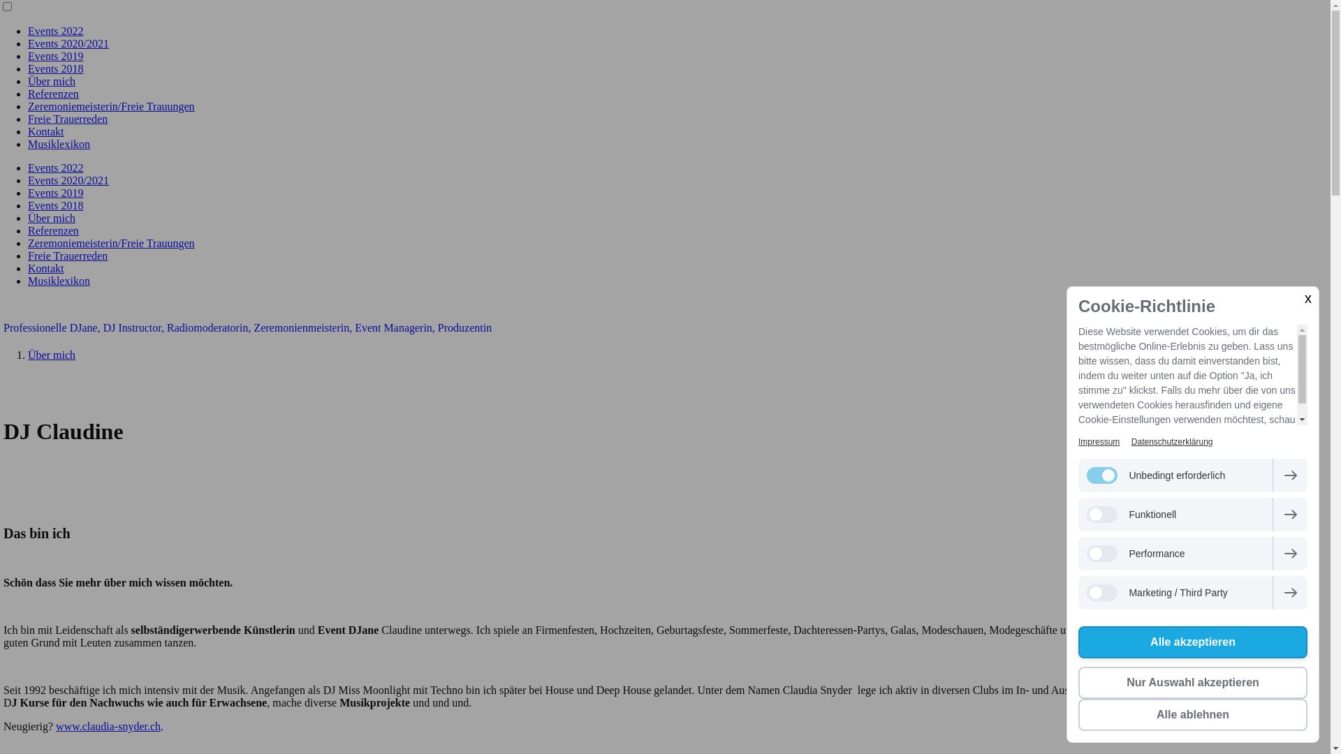 This screenshot has width=1341, height=754. Describe the element at coordinates (27, 268) in the screenshot. I see `'Kontakt'` at that location.